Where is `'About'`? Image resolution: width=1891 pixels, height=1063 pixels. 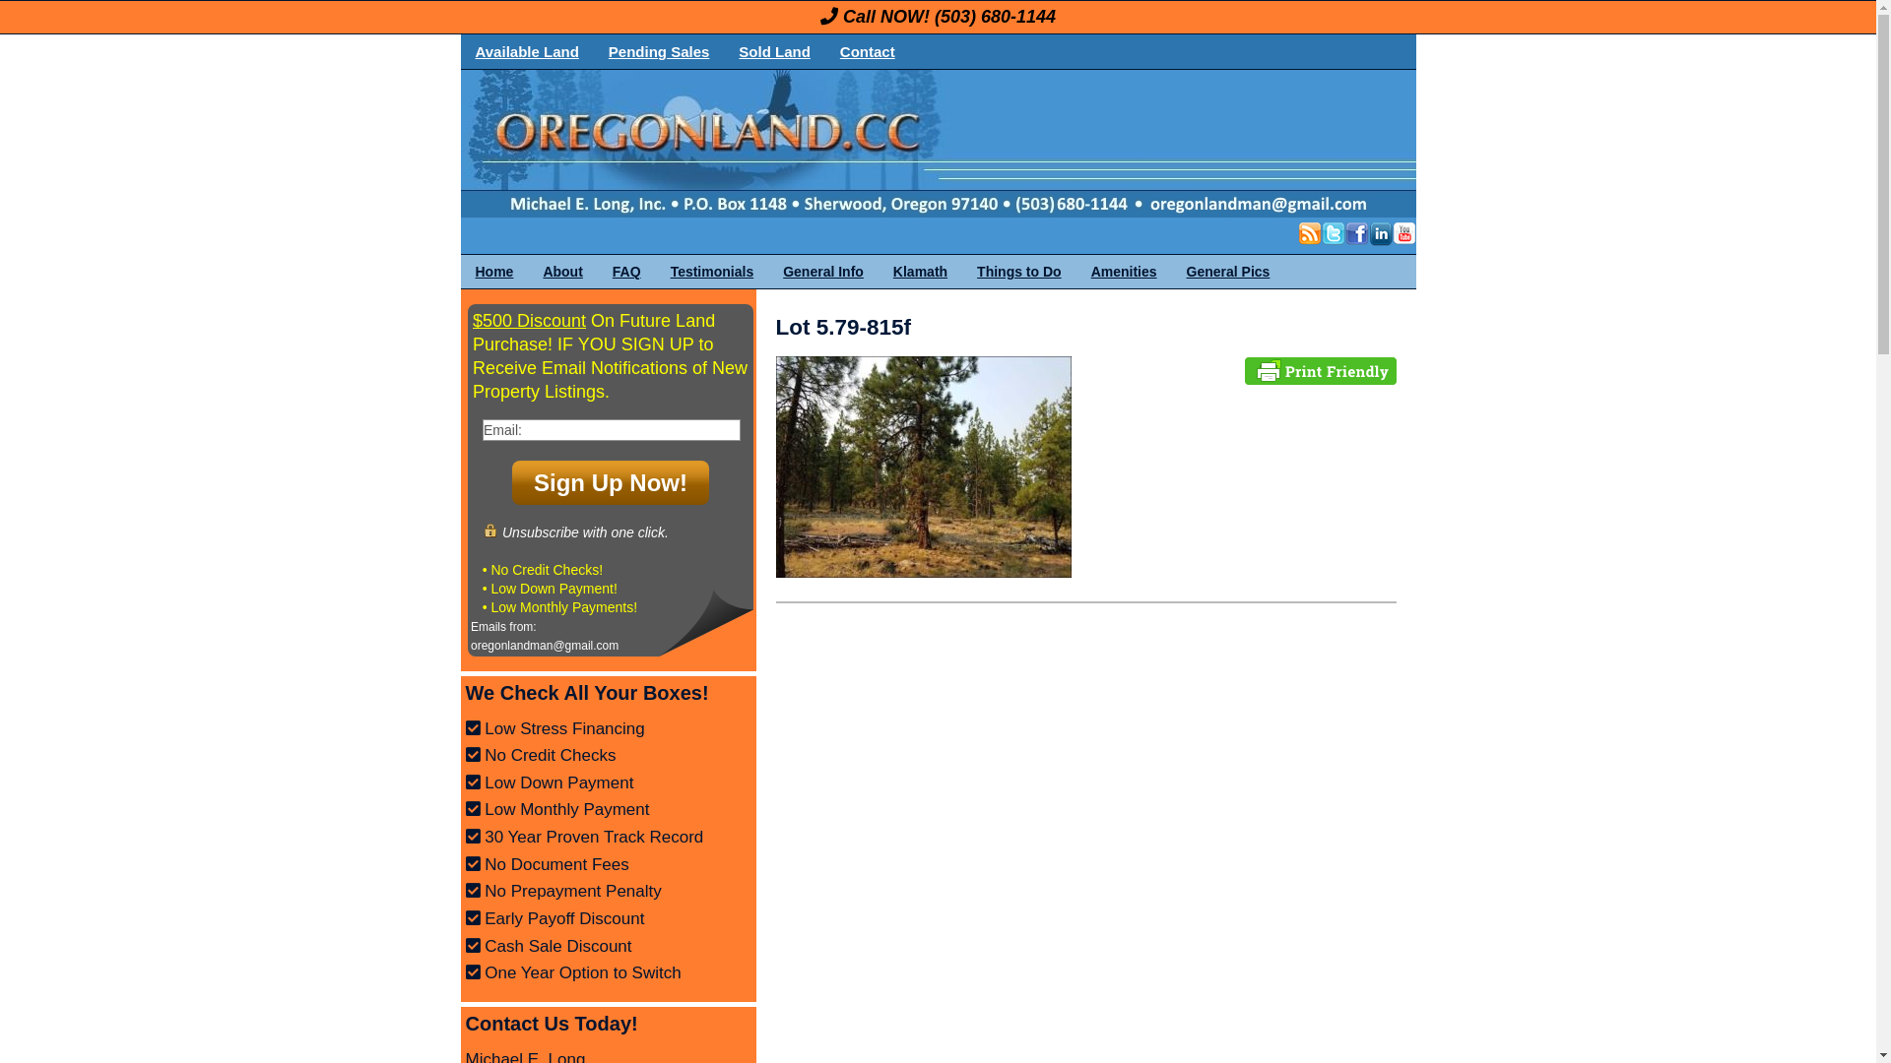
'About' is located at coordinates (561, 272).